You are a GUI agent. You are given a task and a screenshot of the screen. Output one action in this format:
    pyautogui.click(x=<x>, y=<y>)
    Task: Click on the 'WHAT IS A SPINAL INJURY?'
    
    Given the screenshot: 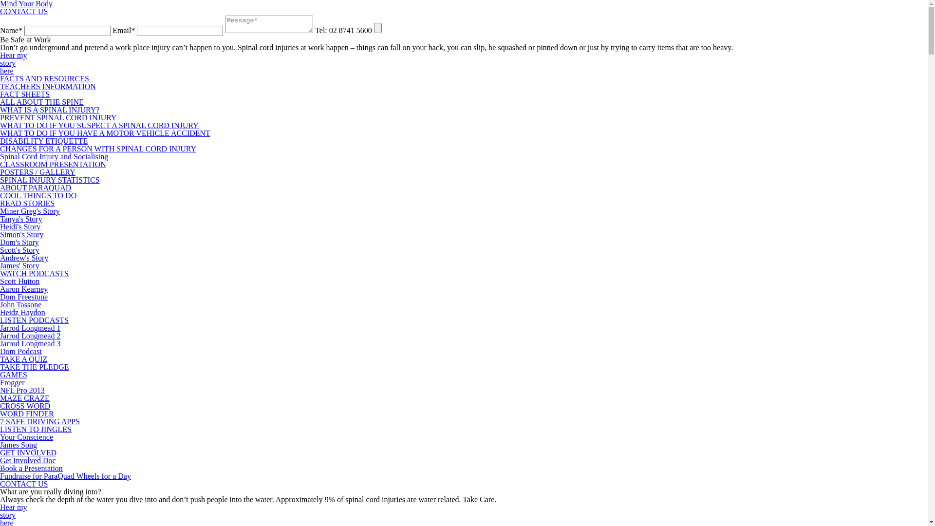 What is the action you would take?
    pyautogui.click(x=0, y=110)
    